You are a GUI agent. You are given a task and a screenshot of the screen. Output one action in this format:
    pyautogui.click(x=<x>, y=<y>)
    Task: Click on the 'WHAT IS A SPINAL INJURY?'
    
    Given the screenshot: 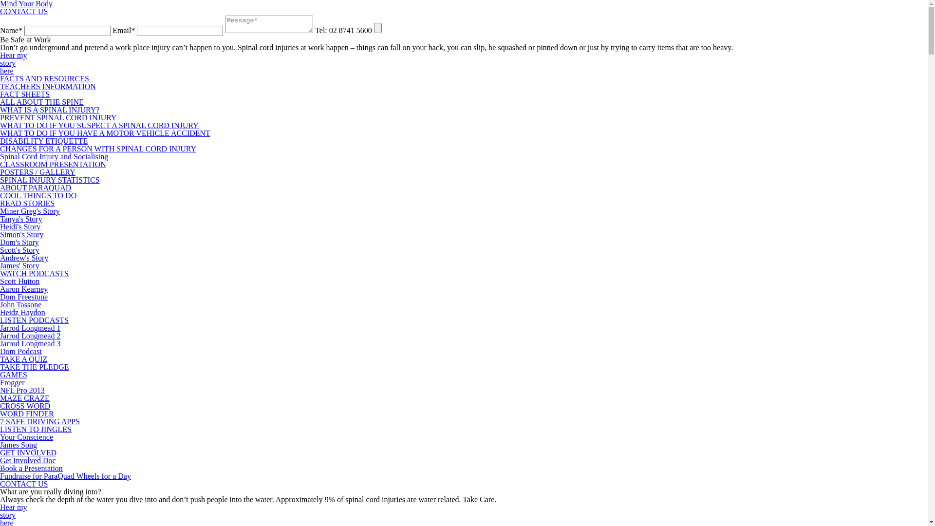 What is the action you would take?
    pyautogui.click(x=0, y=110)
    